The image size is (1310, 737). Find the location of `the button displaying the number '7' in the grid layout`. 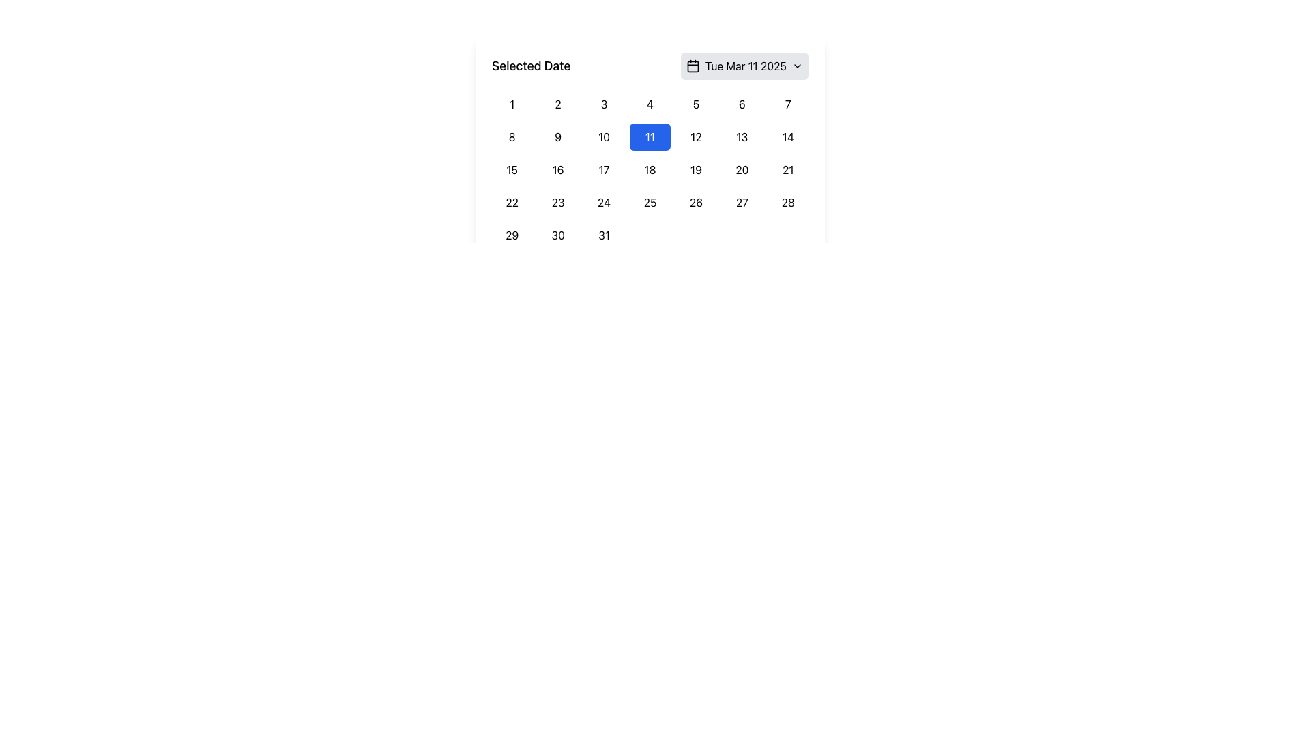

the button displaying the number '7' in the grid layout is located at coordinates (788, 104).